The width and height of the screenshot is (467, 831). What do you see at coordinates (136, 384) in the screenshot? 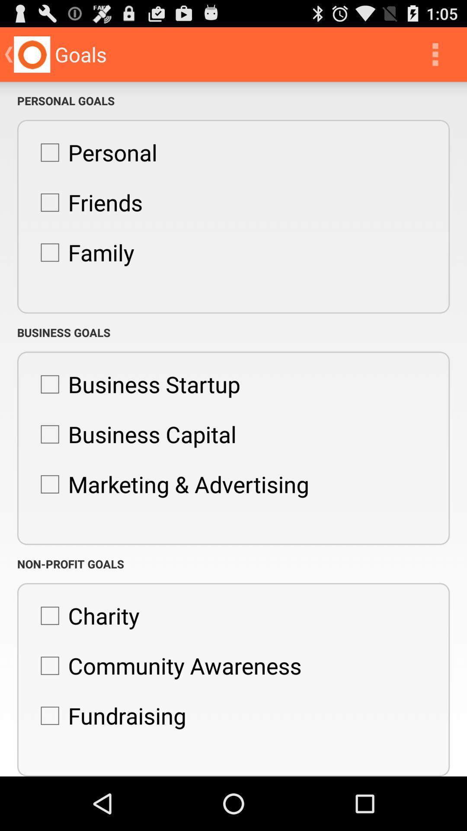
I see `the icon above business capital` at bounding box center [136, 384].